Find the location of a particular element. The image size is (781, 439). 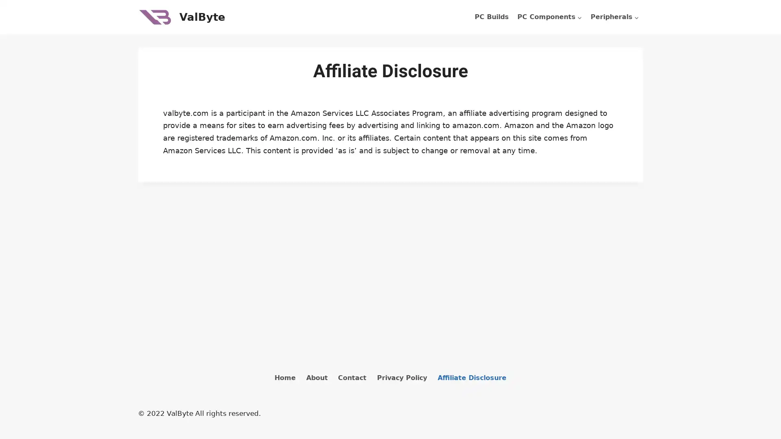

Expand child menu is located at coordinates (549, 17).